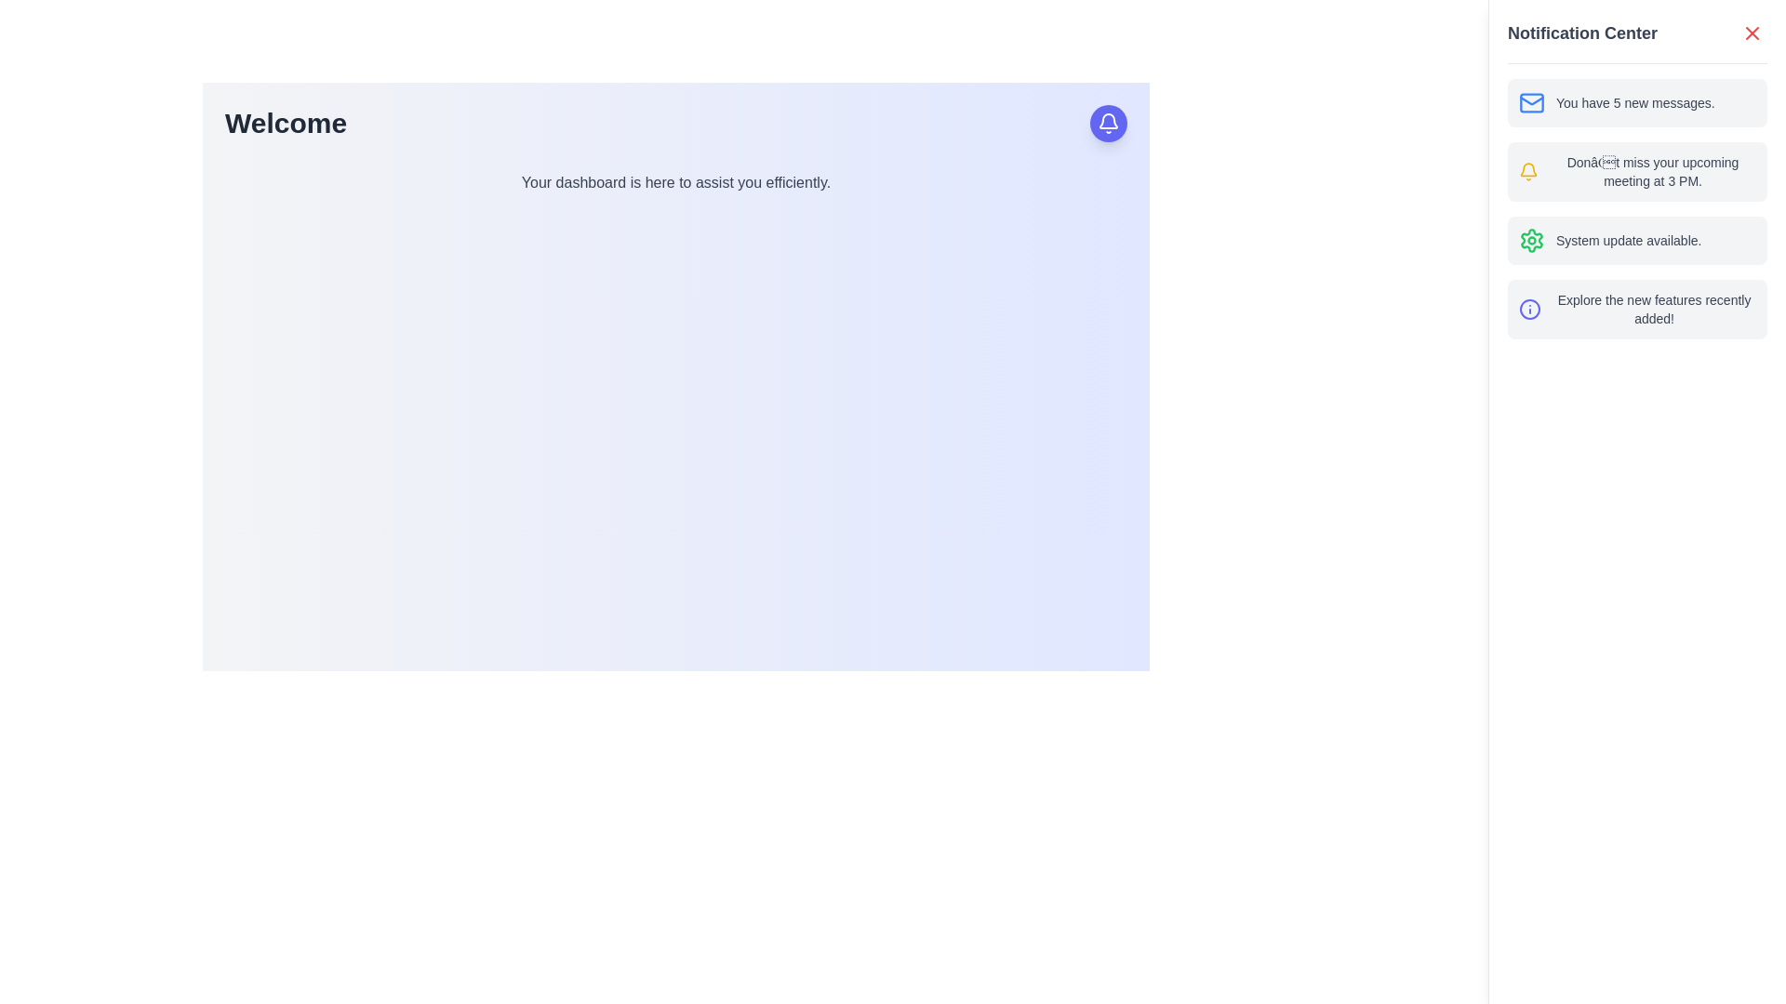  I want to click on the 'X' icon on the right side of the header bar, so click(1637, 41).